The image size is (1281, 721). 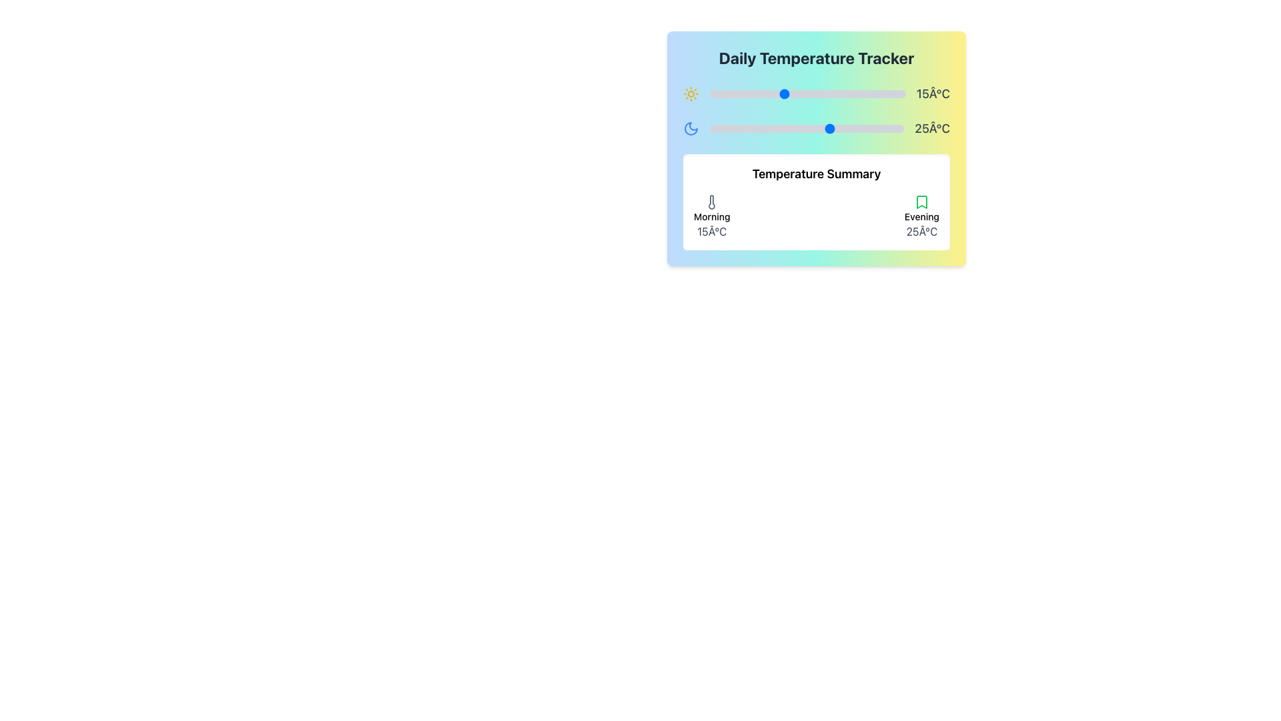 I want to click on the text label displaying the evening temperature located directly below the 'Evening' text in the 'Temperature Summary' section, so click(x=921, y=231).